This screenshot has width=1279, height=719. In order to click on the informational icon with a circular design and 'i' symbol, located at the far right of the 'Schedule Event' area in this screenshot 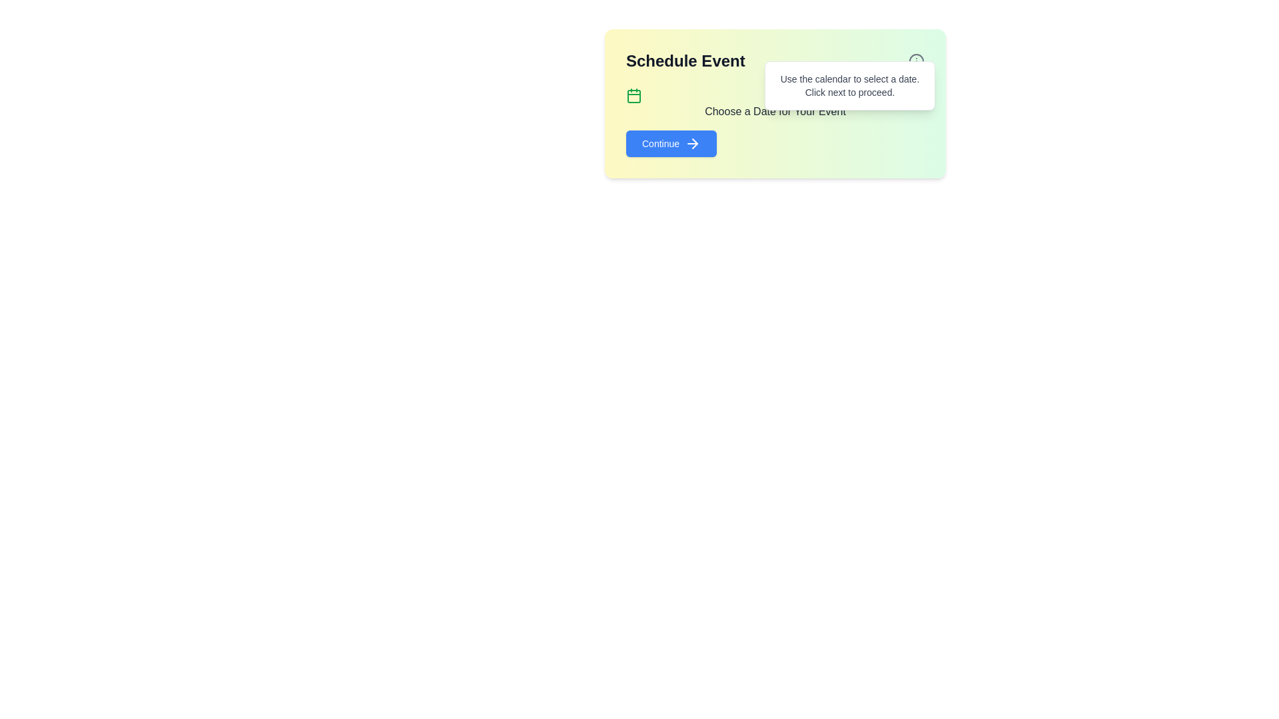, I will do `click(916, 61)`.